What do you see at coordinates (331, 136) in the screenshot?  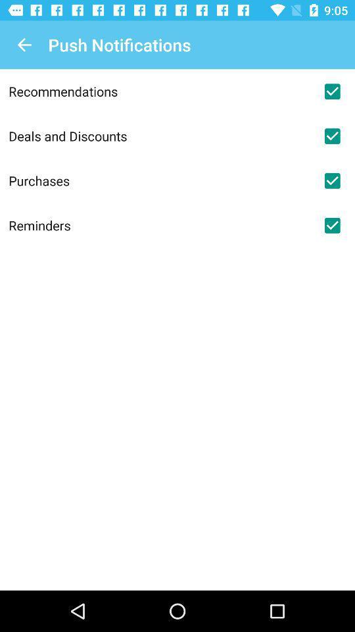 I see `allow deals and discounts notifications` at bounding box center [331, 136].